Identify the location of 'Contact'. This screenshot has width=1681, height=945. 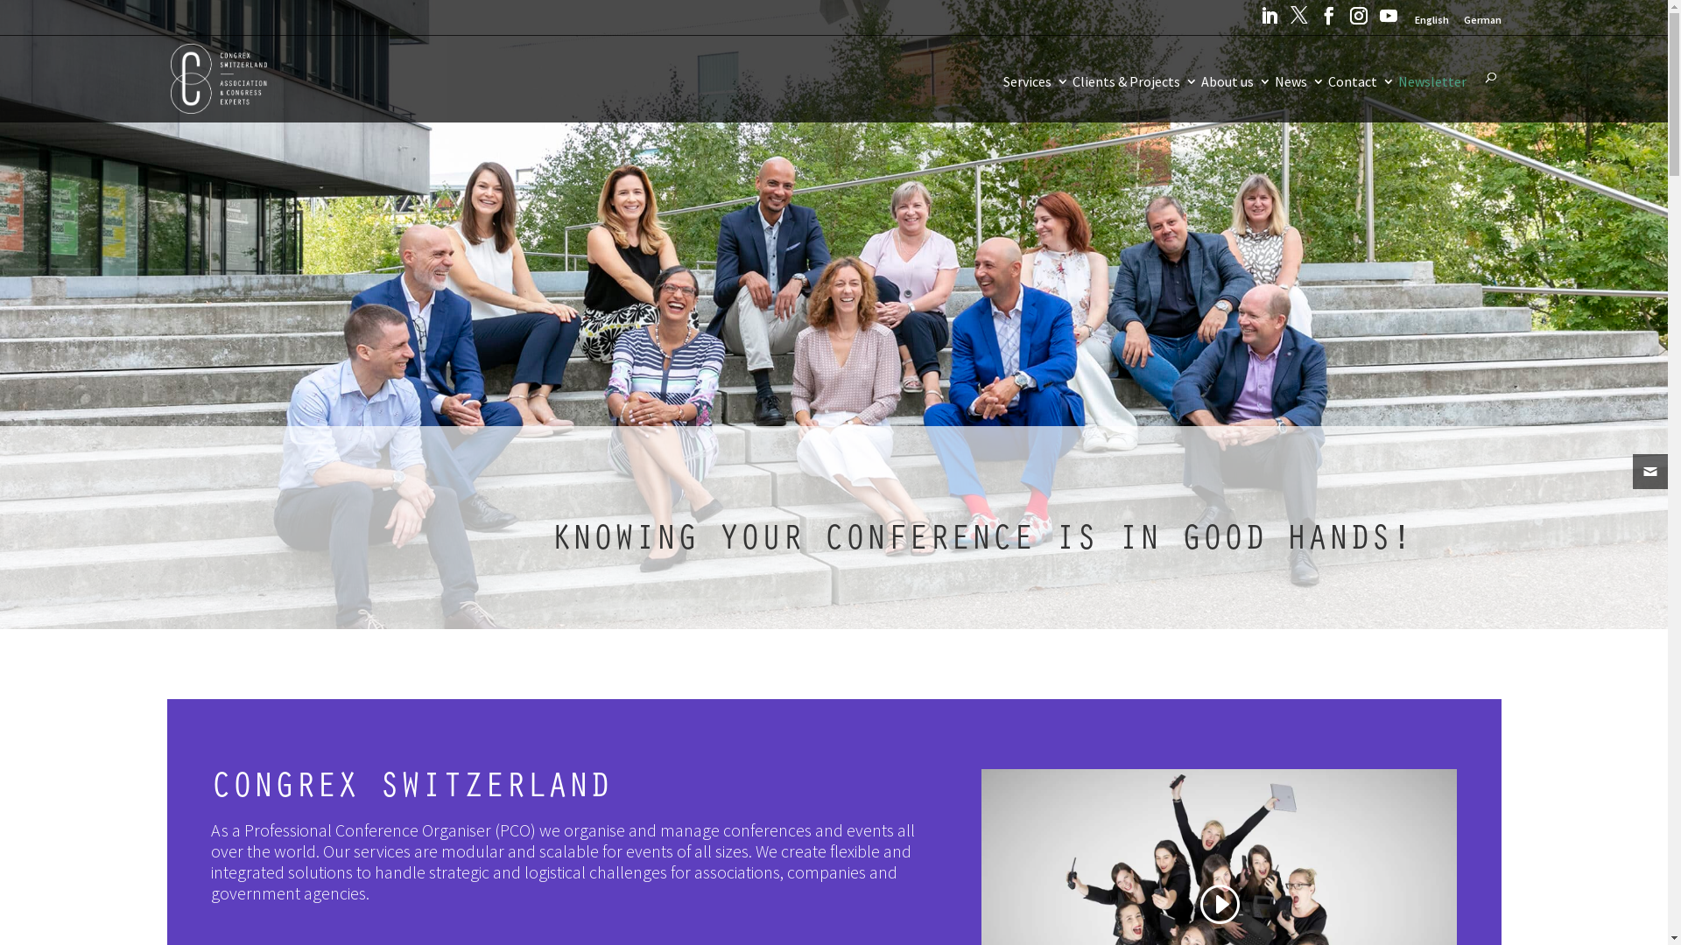
(1360, 98).